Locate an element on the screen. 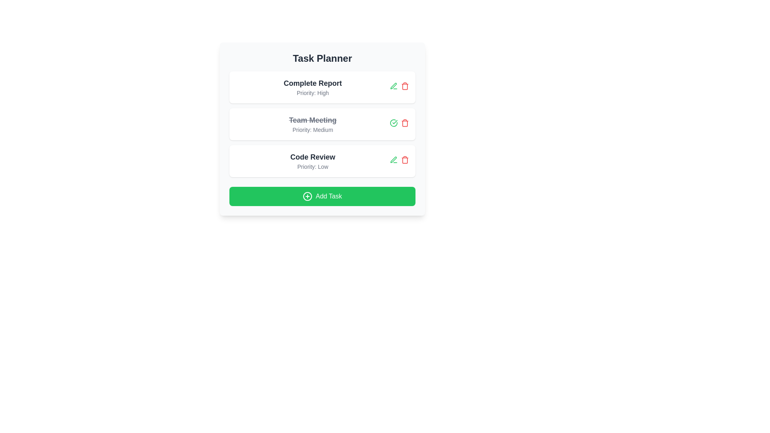 Image resolution: width=770 pixels, height=433 pixels. the task title text for task 2 is located at coordinates (312, 120).